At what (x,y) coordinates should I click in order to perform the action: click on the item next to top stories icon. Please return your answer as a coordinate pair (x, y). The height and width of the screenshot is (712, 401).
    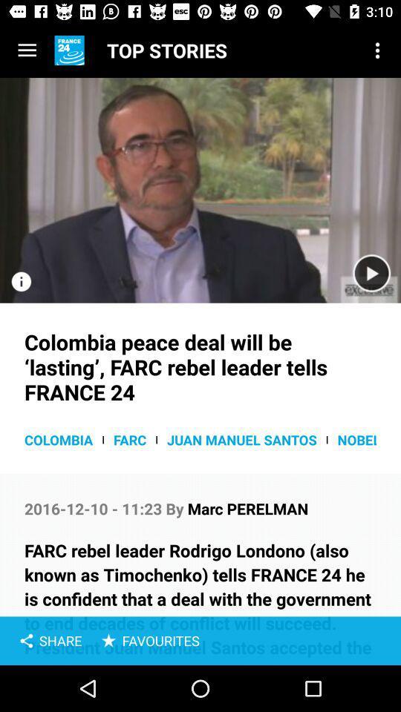
    Looking at the image, I should click on (377, 50).